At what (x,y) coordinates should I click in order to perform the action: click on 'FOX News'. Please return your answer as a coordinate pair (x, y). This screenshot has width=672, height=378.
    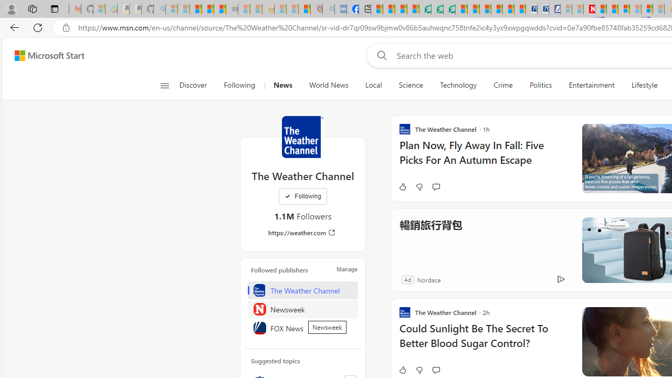
    Looking at the image, I should click on (302, 327).